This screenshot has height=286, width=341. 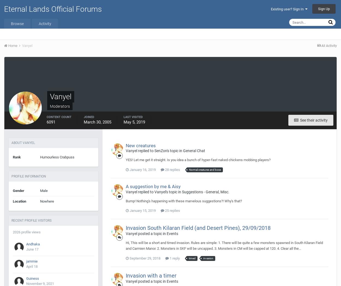 I want to click on 'invasion', so click(x=208, y=258).